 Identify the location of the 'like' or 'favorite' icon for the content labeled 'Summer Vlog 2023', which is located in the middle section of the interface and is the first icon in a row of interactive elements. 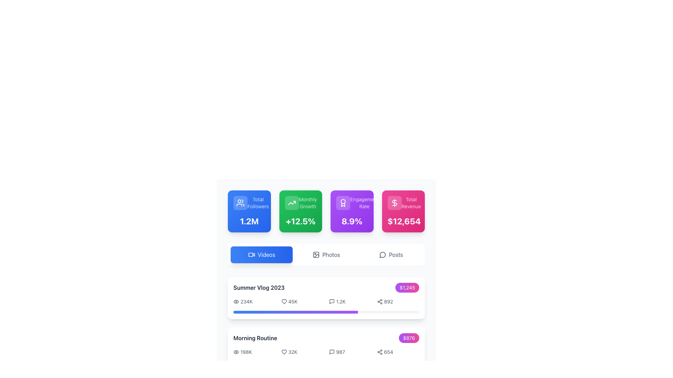
(284, 301).